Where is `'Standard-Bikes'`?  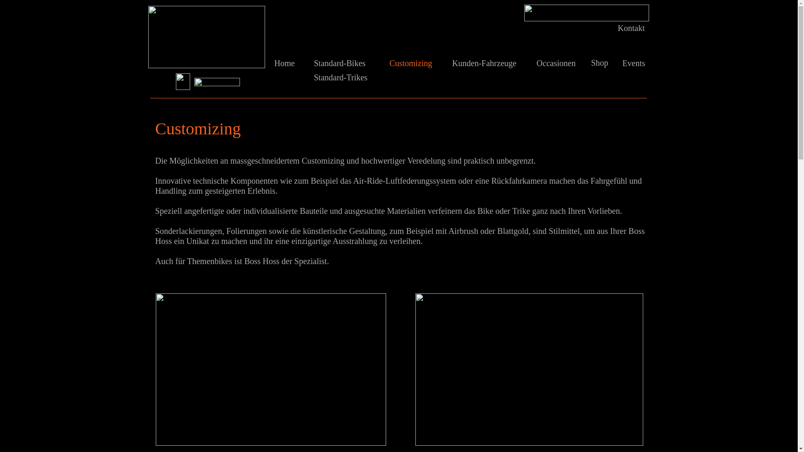 'Standard-Bikes' is located at coordinates (340, 62).